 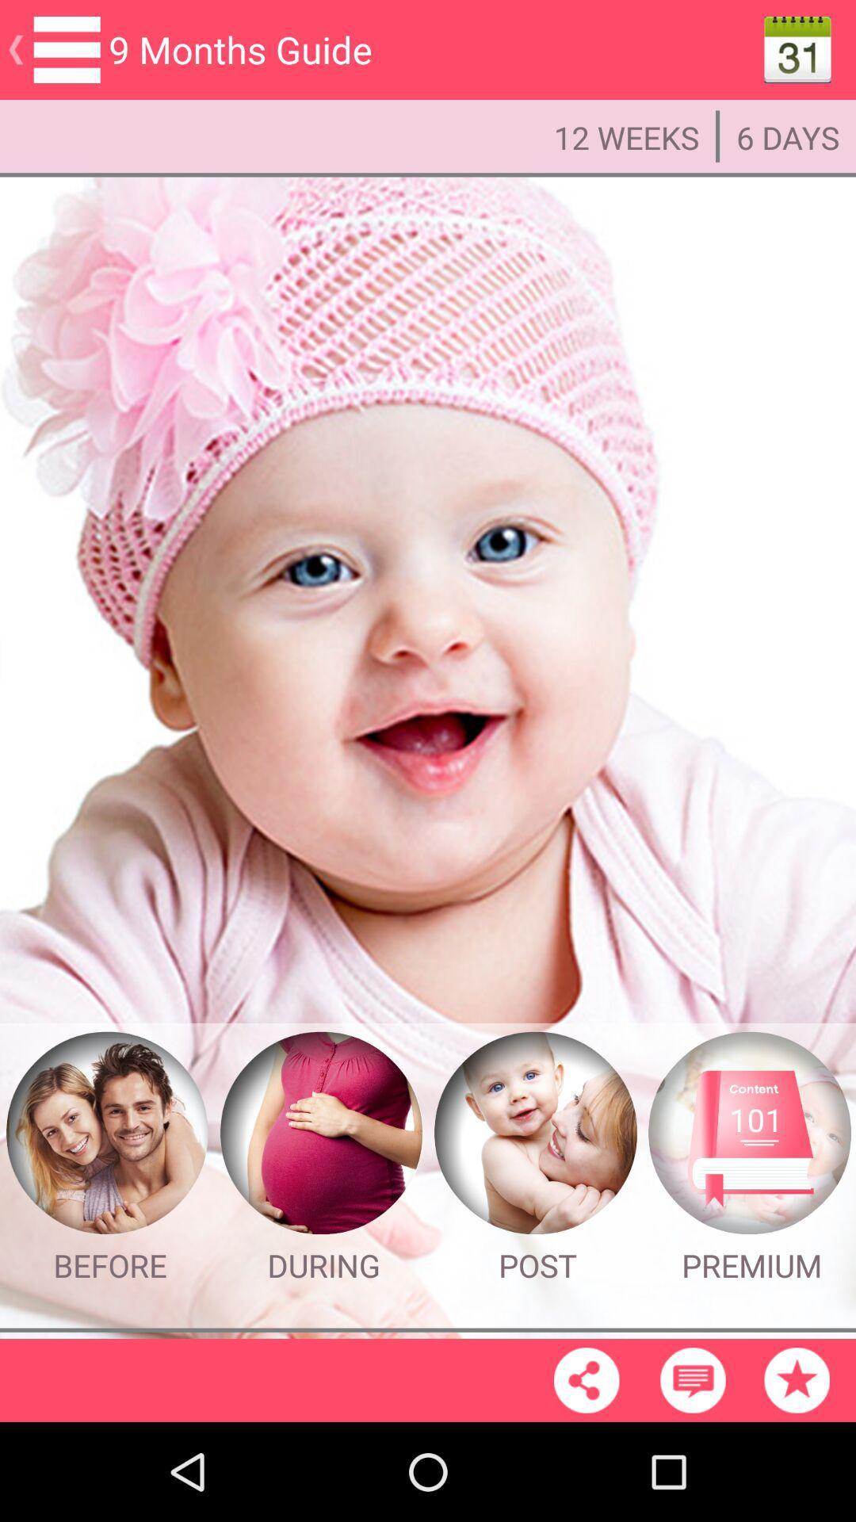 I want to click on share the page, so click(x=587, y=1379).